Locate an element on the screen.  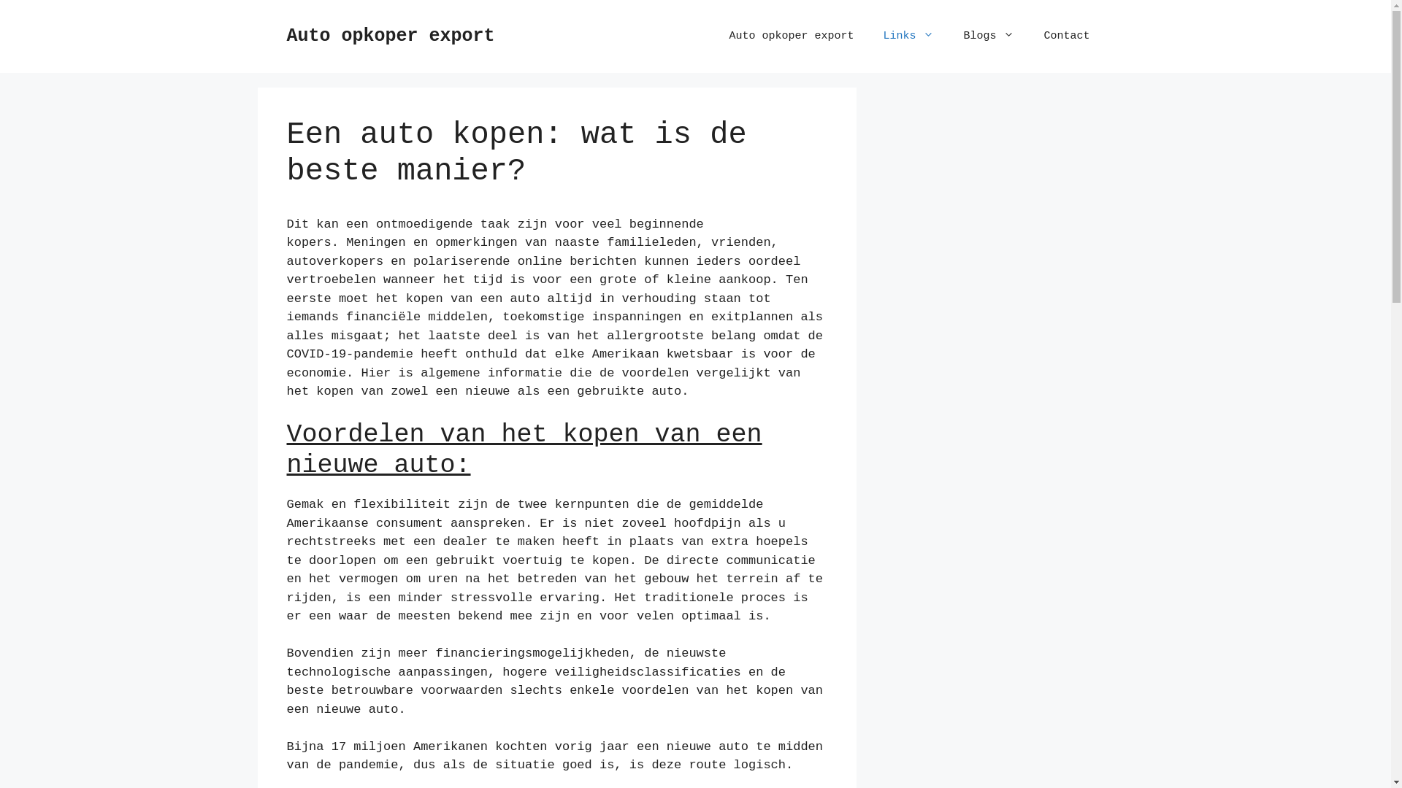
'Auto opkoper export' is located at coordinates (390, 35).